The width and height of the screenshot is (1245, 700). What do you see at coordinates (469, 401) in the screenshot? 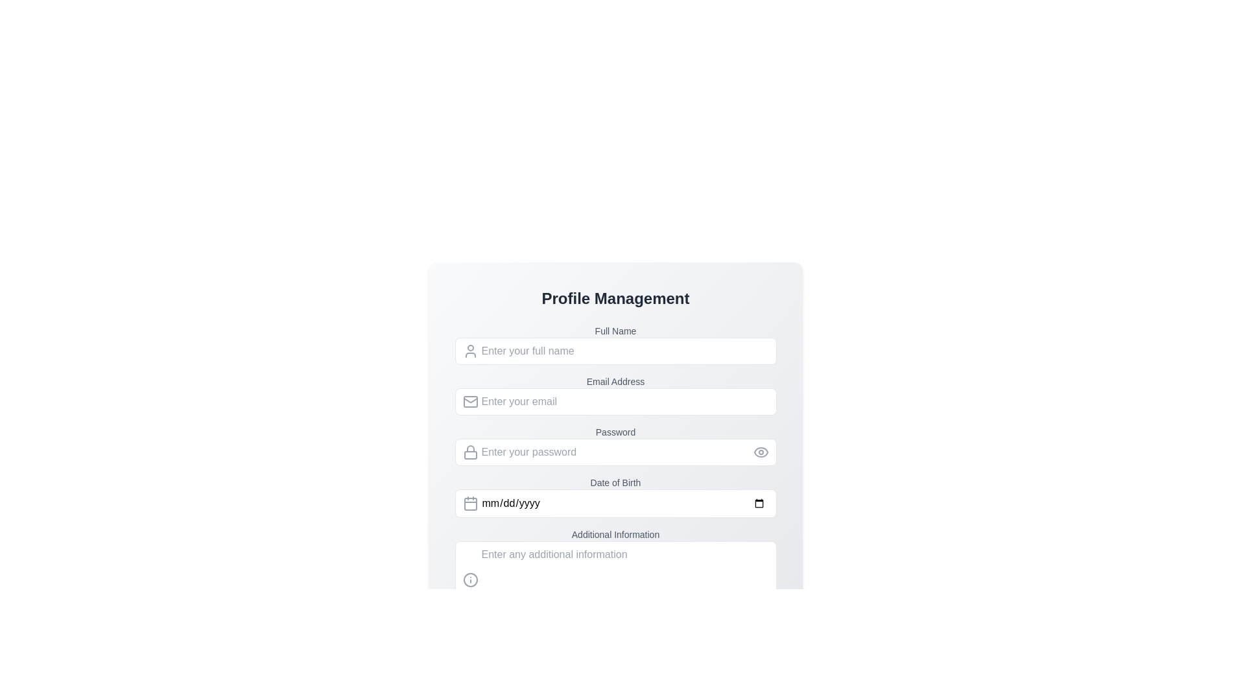
I see `the rectangular SVG shape with rounded corners that is part of the envelope icon located to the left of the email input field in the profile management form` at bounding box center [469, 401].